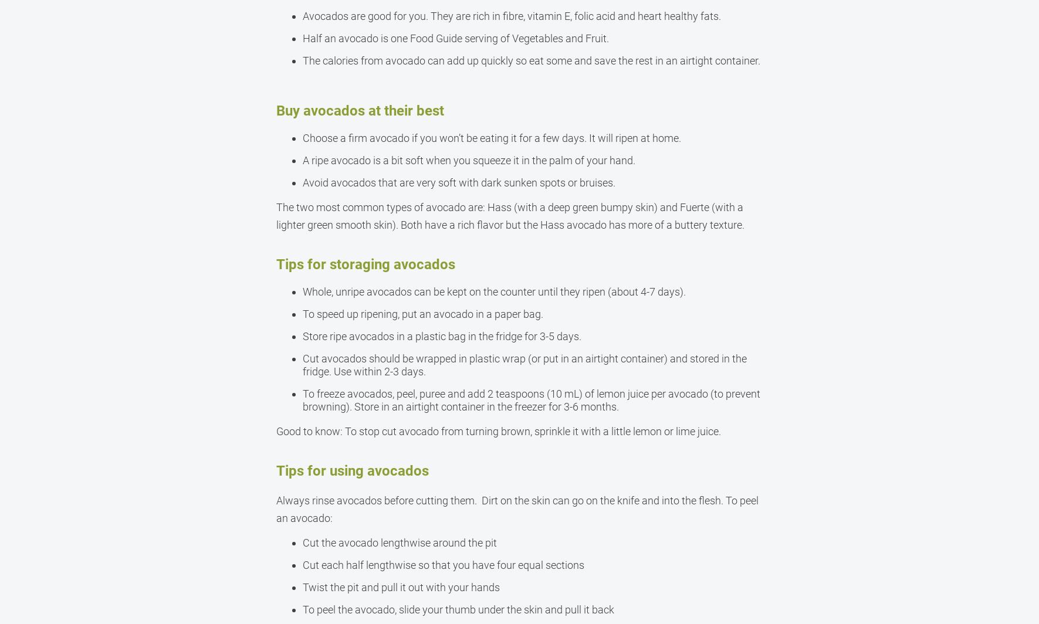  Describe the element at coordinates (276, 471) in the screenshot. I see `'Tips for using avocados'` at that location.